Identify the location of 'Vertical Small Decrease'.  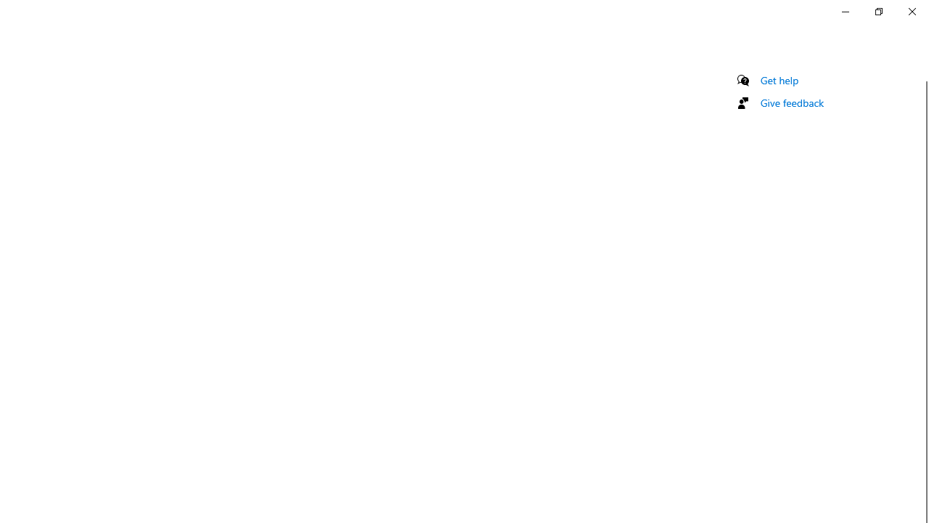
(922, 76).